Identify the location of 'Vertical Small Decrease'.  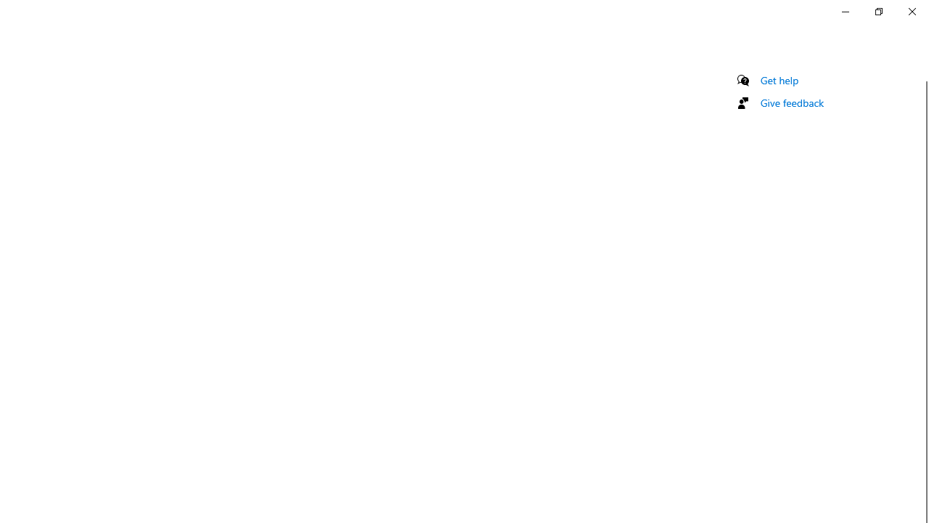
(922, 76).